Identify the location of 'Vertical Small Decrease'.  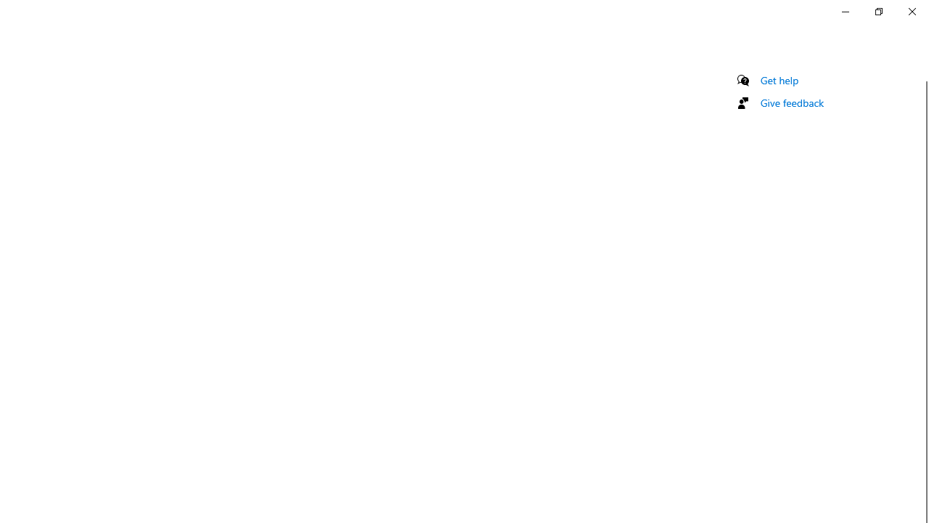
(922, 76).